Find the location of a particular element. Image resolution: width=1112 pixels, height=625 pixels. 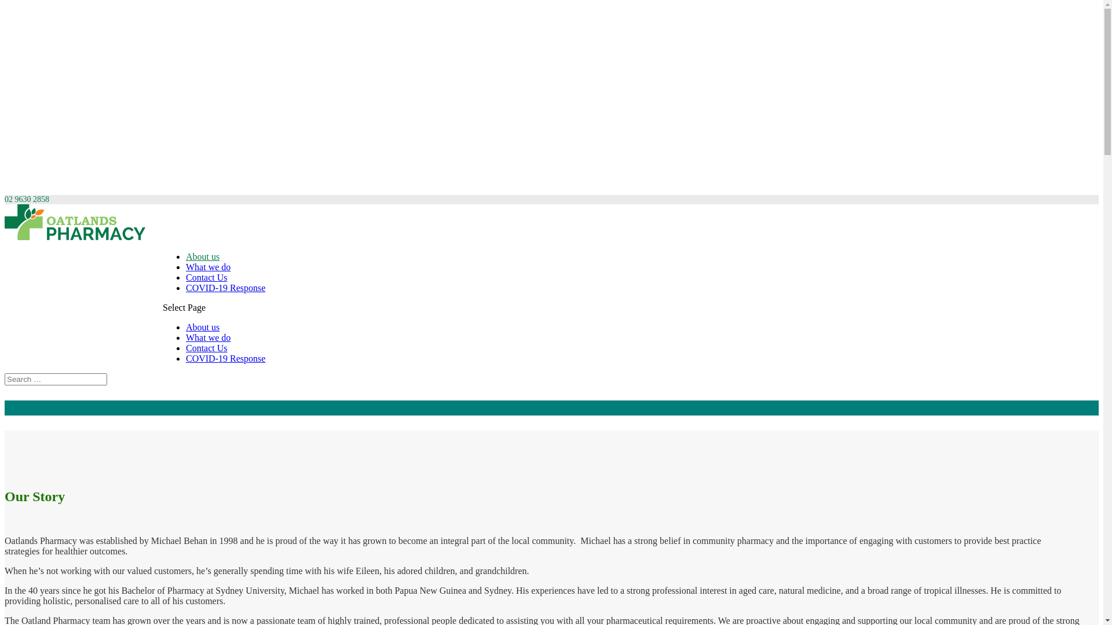

'COVID-19 Response' is located at coordinates (225, 358).